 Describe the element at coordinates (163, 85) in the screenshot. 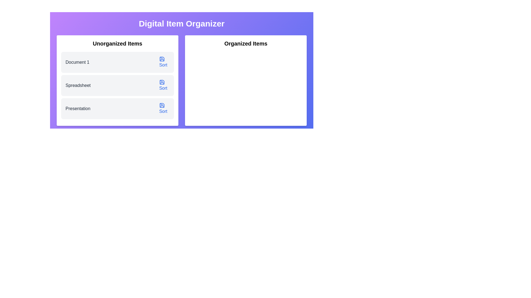

I see `the second 'Sort' button located to the right of the 'Spreadsheet' label` at that location.